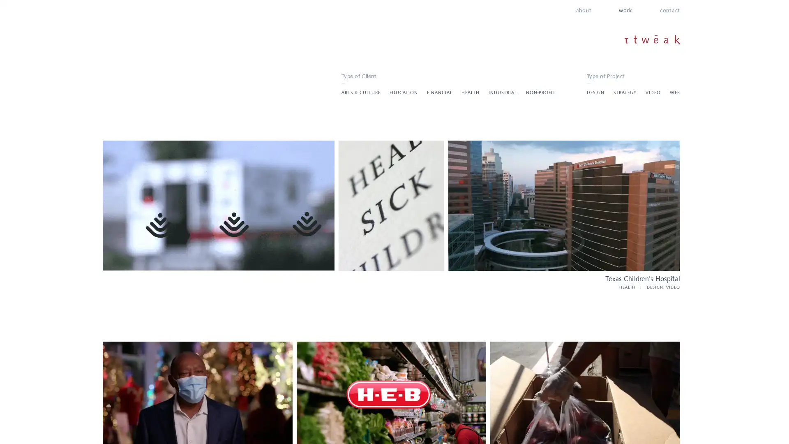 Image resolution: width=789 pixels, height=444 pixels. Describe the element at coordinates (502, 92) in the screenshot. I see `INDUSTRIAL` at that location.